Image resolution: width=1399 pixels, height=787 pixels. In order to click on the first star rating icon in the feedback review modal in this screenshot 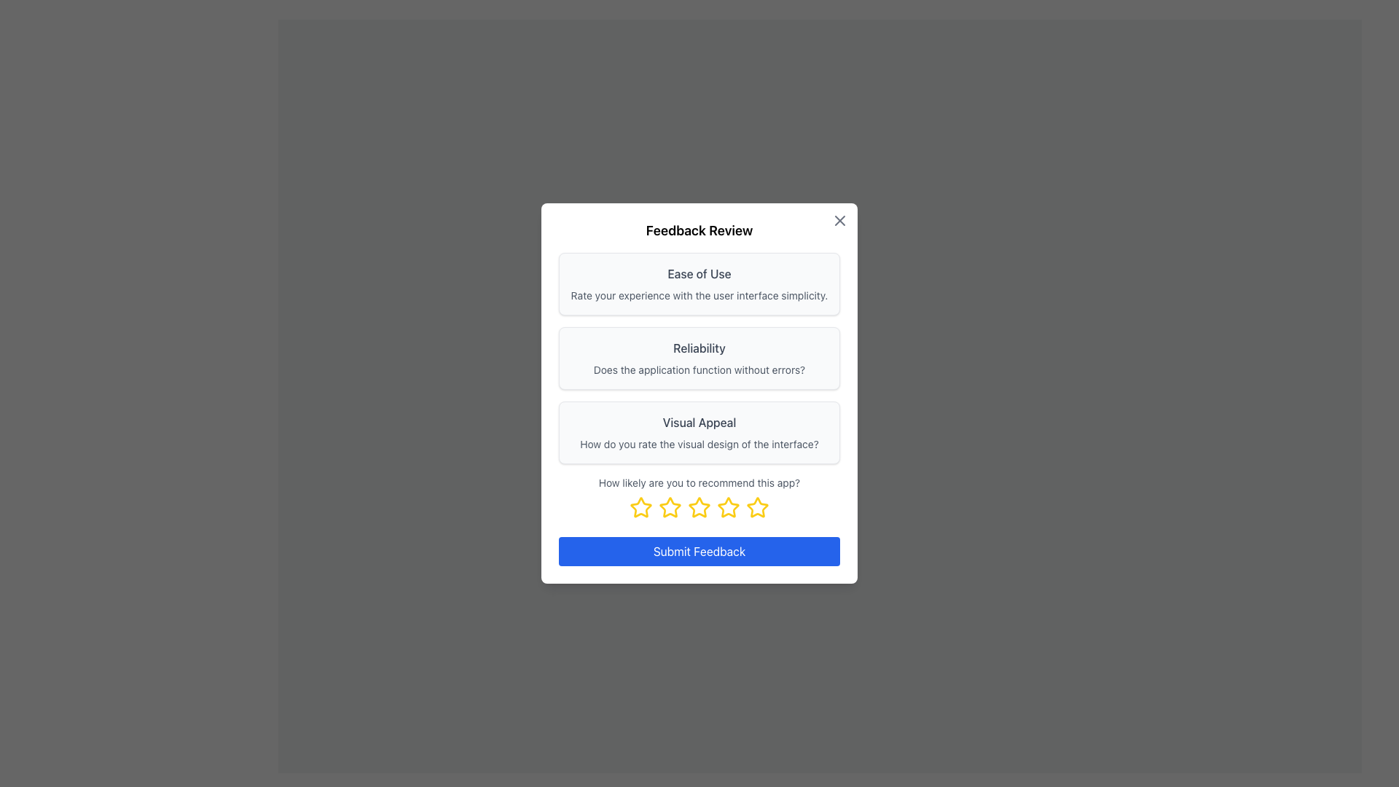, I will do `click(640, 506)`.